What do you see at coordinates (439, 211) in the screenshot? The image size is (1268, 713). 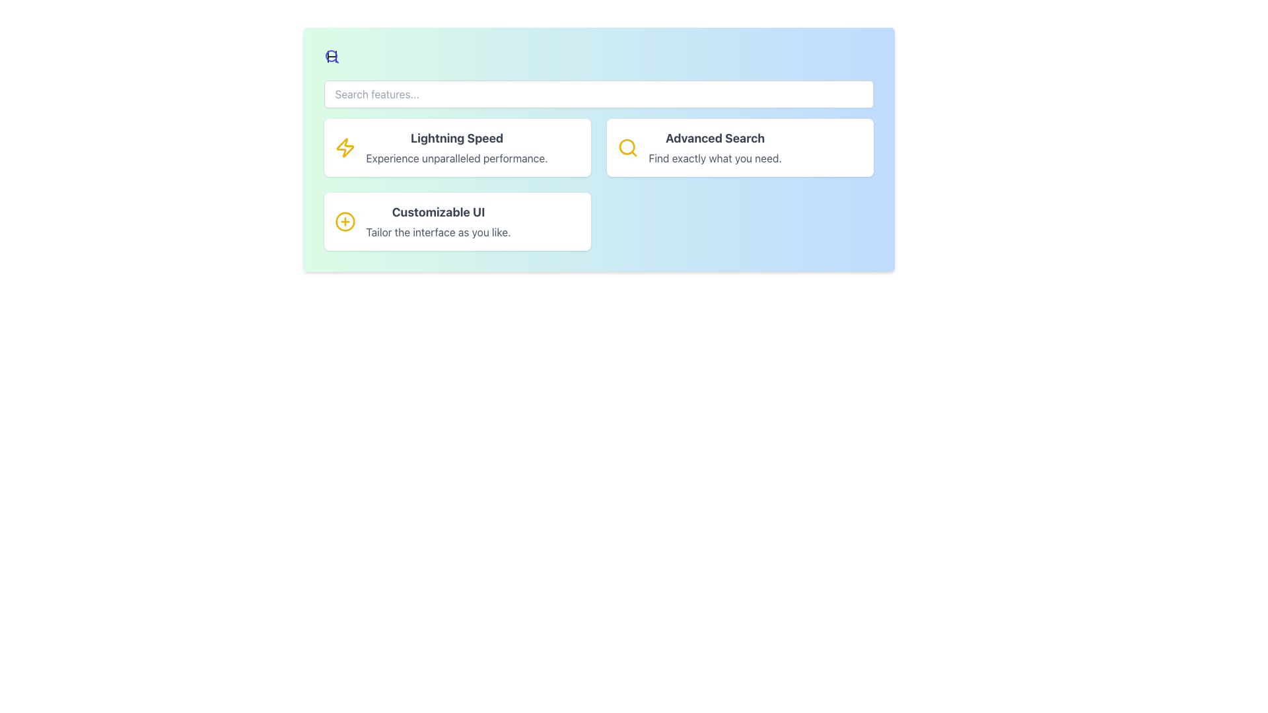 I see `the header text in the light green box that indicates the customization features of the UI, located in the left-center area of the interface` at bounding box center [439, 211].